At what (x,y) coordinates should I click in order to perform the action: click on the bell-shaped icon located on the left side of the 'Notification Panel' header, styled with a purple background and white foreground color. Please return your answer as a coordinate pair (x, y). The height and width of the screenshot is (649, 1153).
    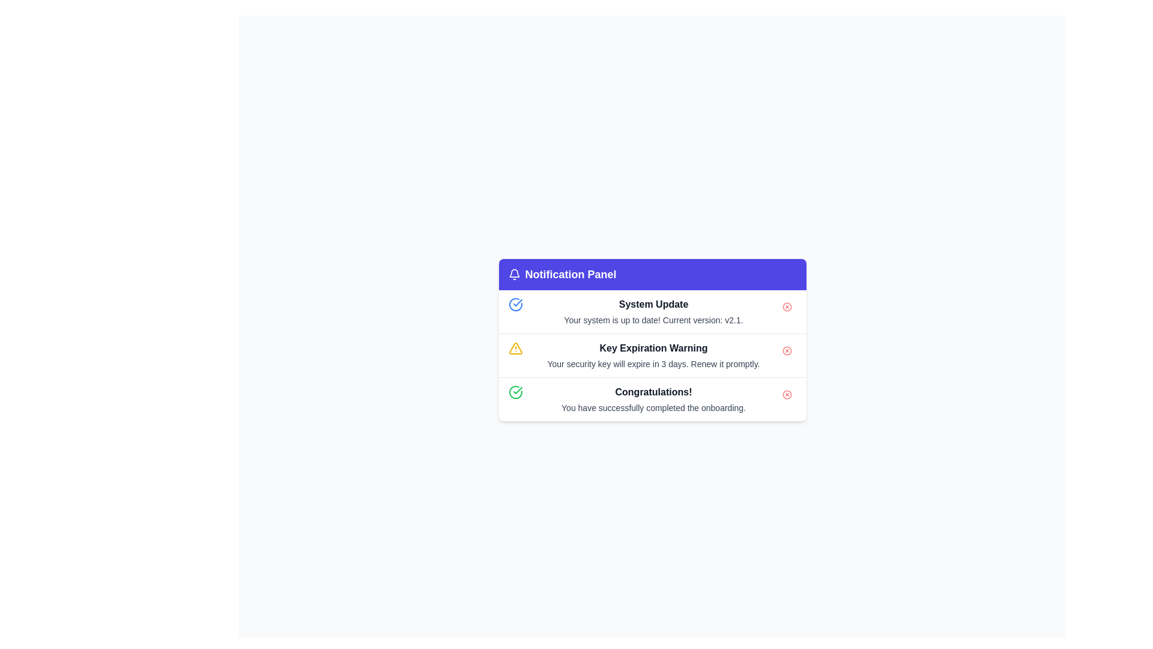
    Looking at the image, I should click on (514, 274).